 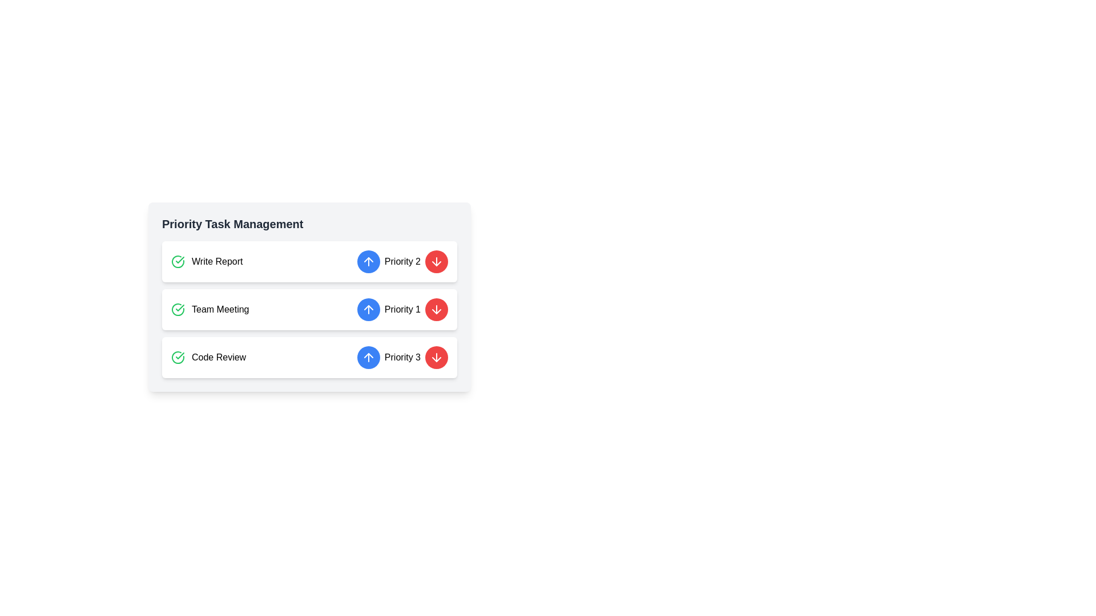 What do you see at coordinates (436, 357) in the screenshot?
I see `the downward-pointing arrow icon button with a red circular background to decrease the task priority in the 'Code Review' row of the 'Priority Task Management' interface` at bounding box center [436, 357].